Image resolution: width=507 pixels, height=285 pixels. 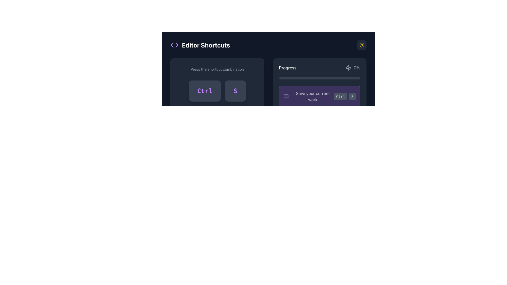 I want to click on the lightning bolt icon with a gray outline located to the left of the percentage text '0%' in the Progress area, so click(x=348, y=68).